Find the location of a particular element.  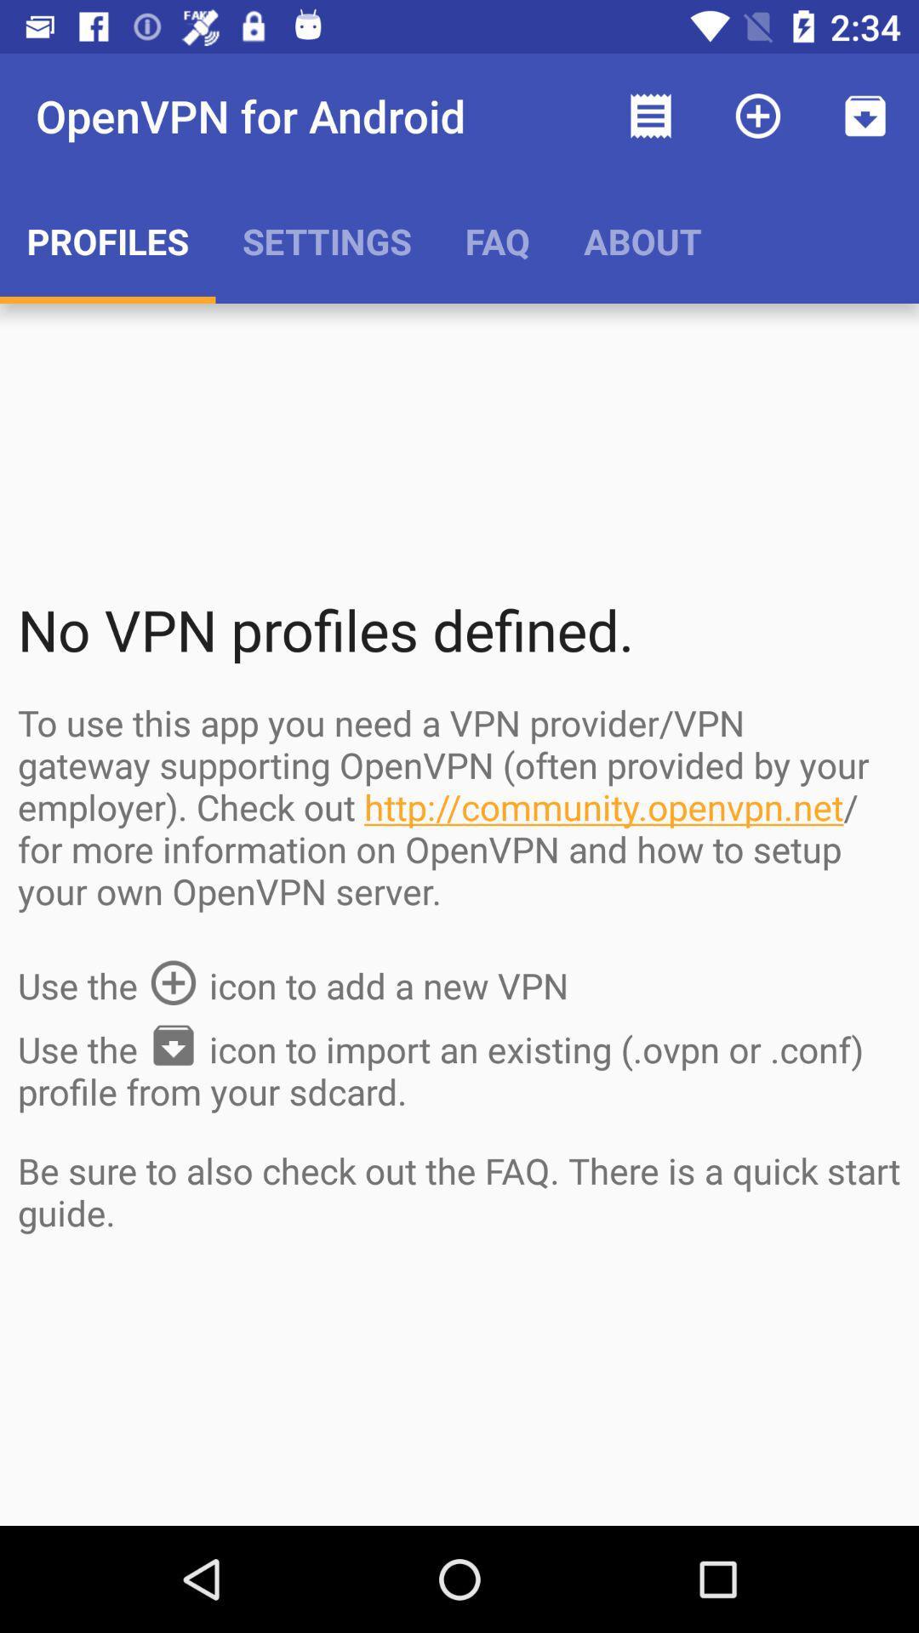

settings app is located at coordinates (327, 240).